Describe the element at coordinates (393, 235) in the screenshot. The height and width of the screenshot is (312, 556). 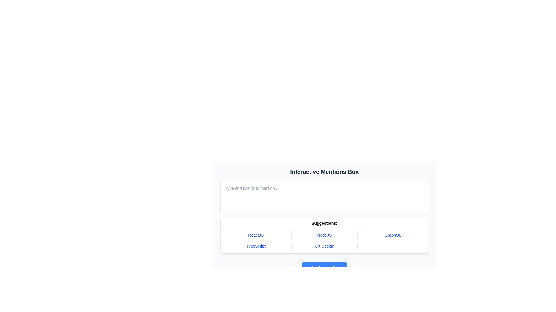
I see `the 'GraphQL' button, which is a rectangular button with a white background and blue text, located under the label 'Suggestions' in the grid layout` at that location.